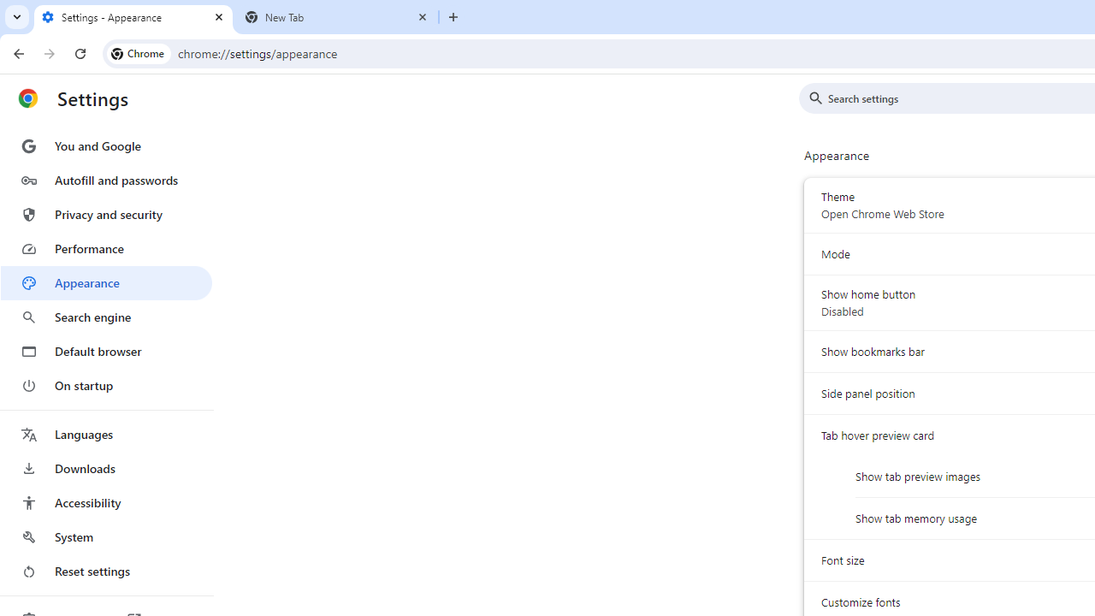 The width and height of the screenshot is (1095, 616). Describe the element at coordinates (105, 572) in the screenshot. I see `'Reset settings'` at that location.